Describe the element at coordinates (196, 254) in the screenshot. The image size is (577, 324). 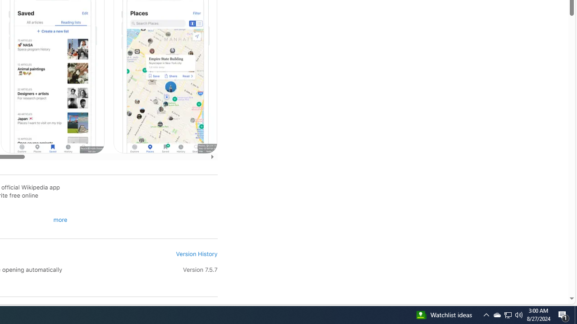
I see `'Version History'` at that location.